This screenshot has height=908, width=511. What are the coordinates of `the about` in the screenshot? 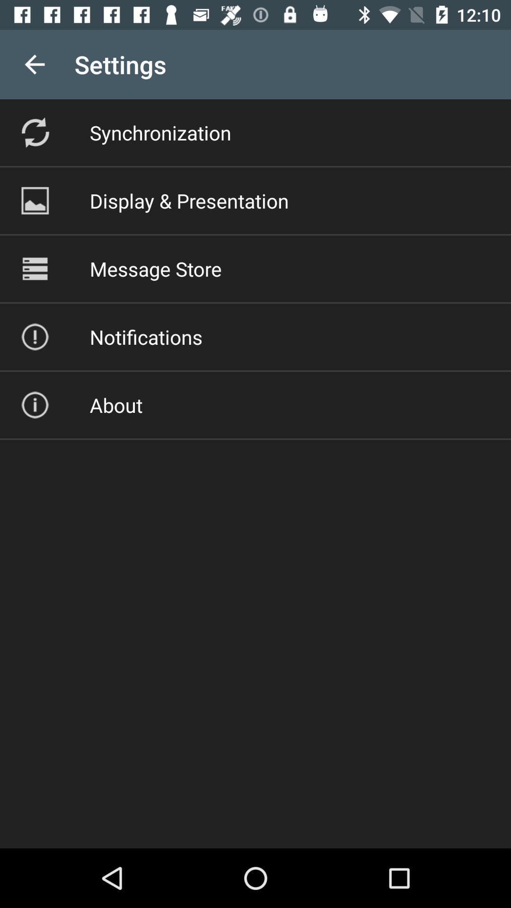 It's located at (115, 405).